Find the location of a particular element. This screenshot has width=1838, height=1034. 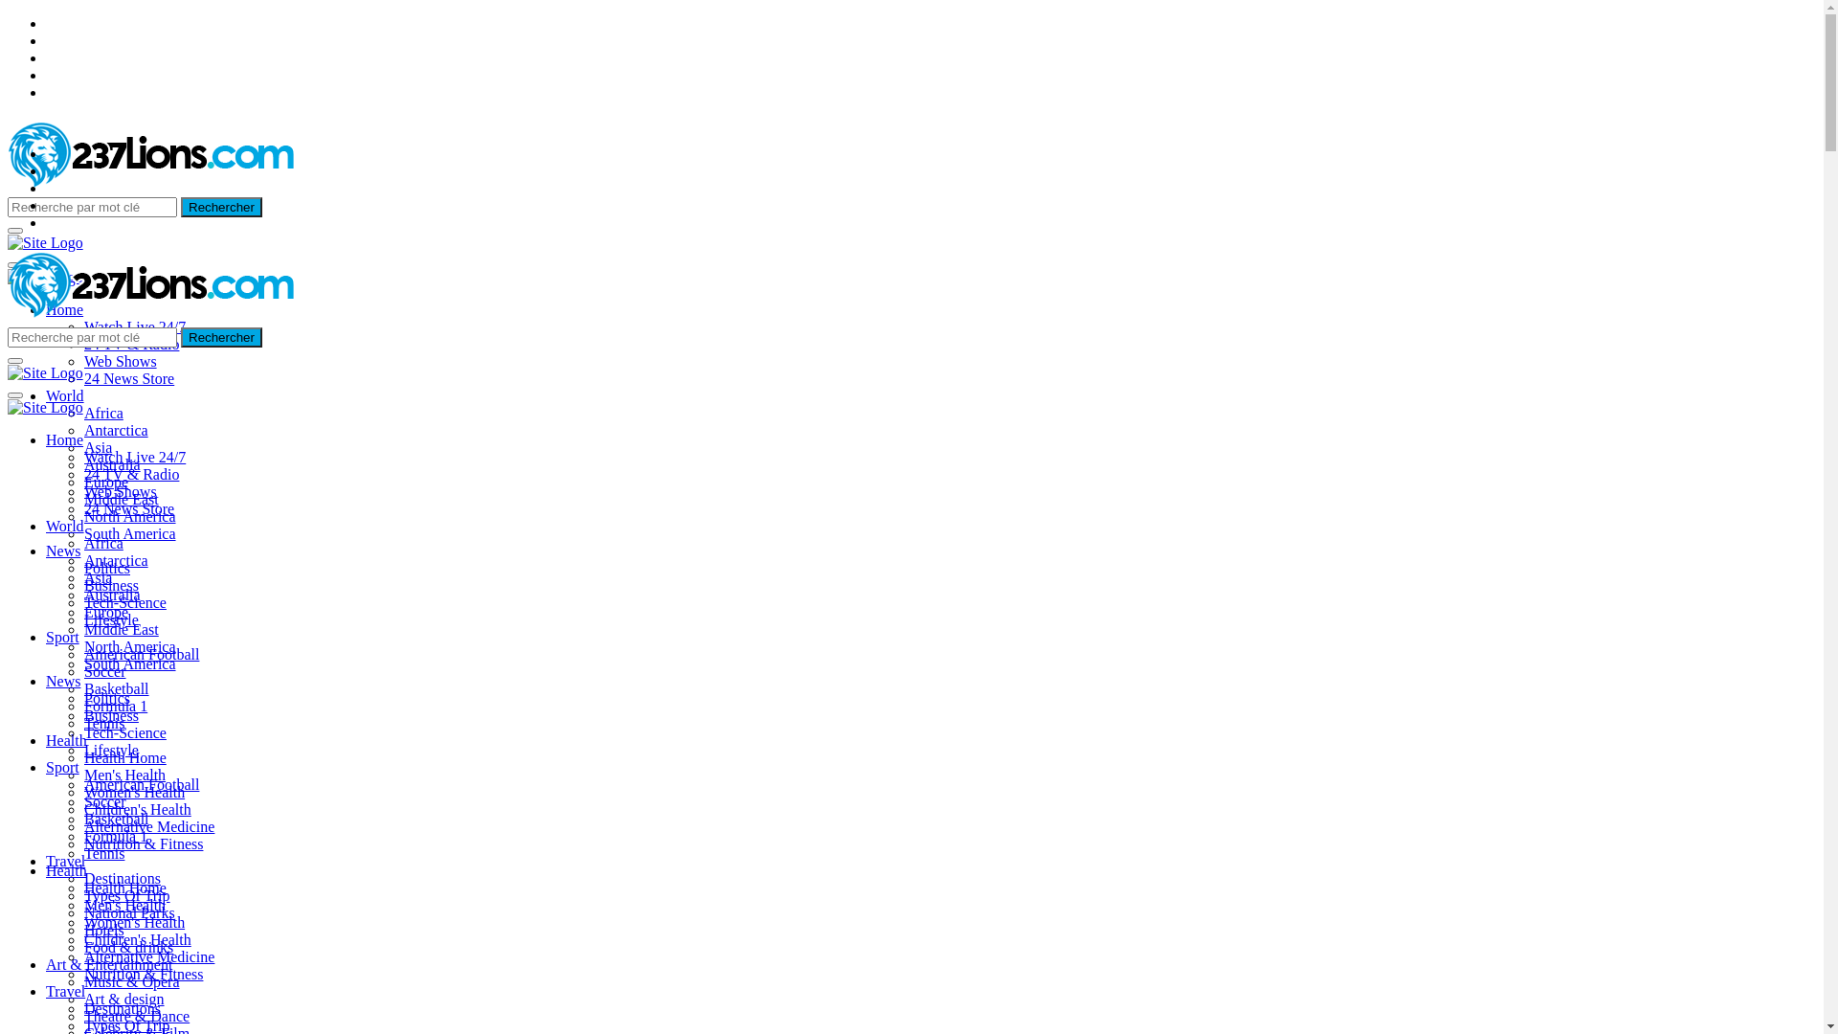

'Asia' is located at coordinates (97, 576).